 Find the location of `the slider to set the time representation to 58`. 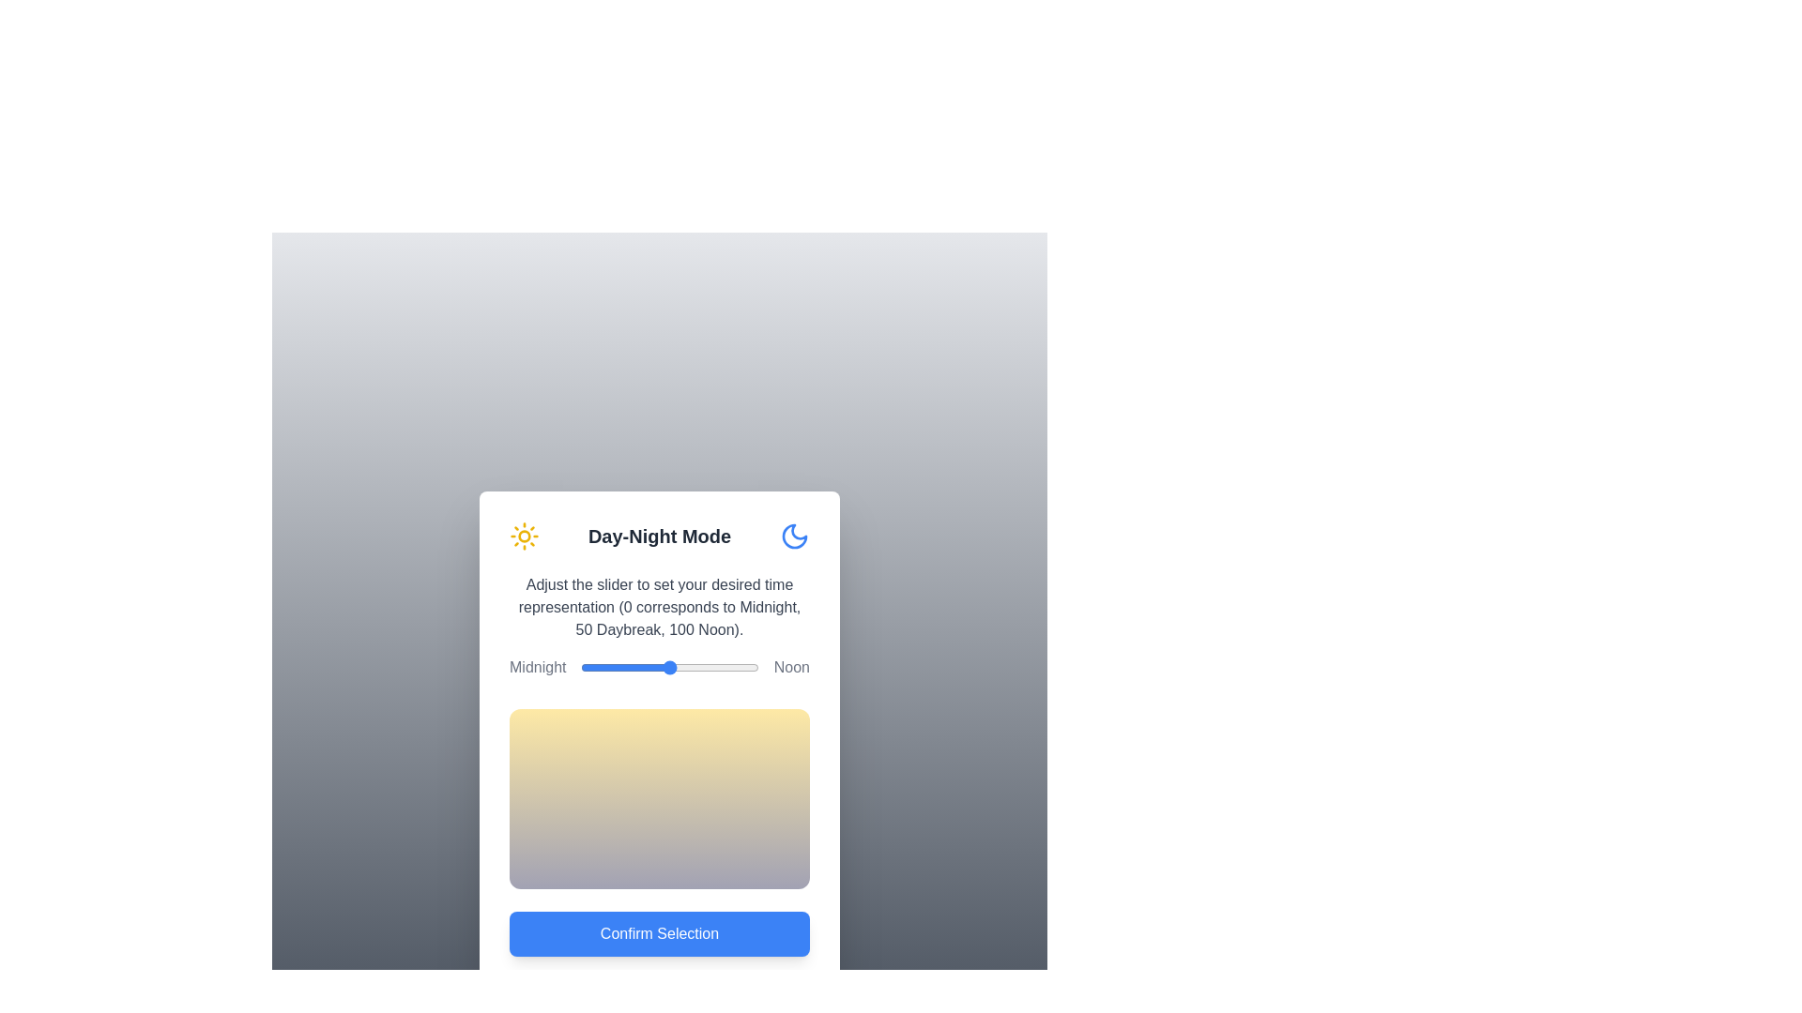

the slider to set the time representation to 58 is located at coordinates (683, 667).